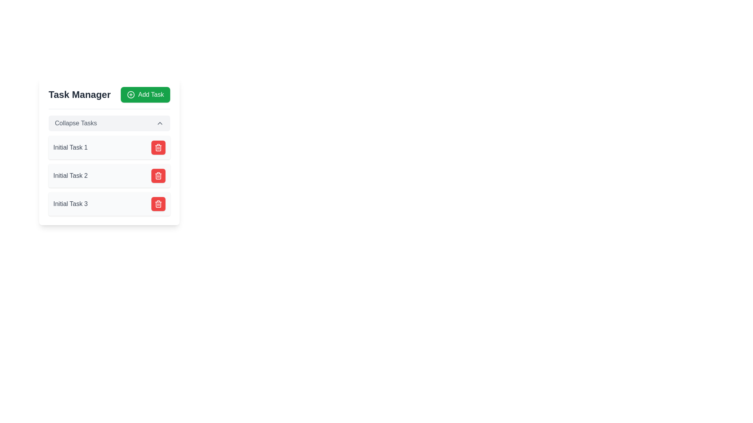  Describe the element at coordinates (109, 175) in the screenshot. I see `the second task entry in the 'Task Manager'` at that location.